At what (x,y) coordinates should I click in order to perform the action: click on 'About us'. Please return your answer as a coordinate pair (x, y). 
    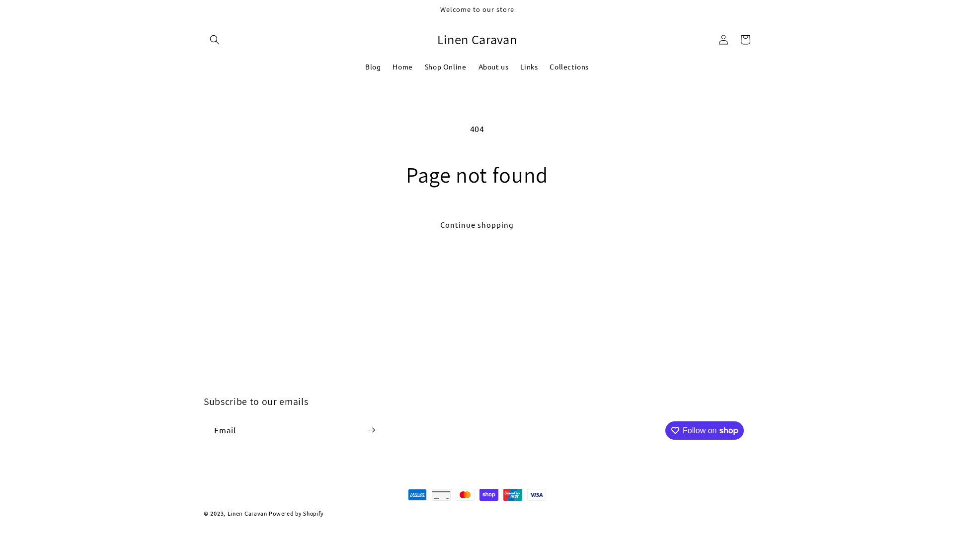
    Looking at the image, I should click on (493, 67).